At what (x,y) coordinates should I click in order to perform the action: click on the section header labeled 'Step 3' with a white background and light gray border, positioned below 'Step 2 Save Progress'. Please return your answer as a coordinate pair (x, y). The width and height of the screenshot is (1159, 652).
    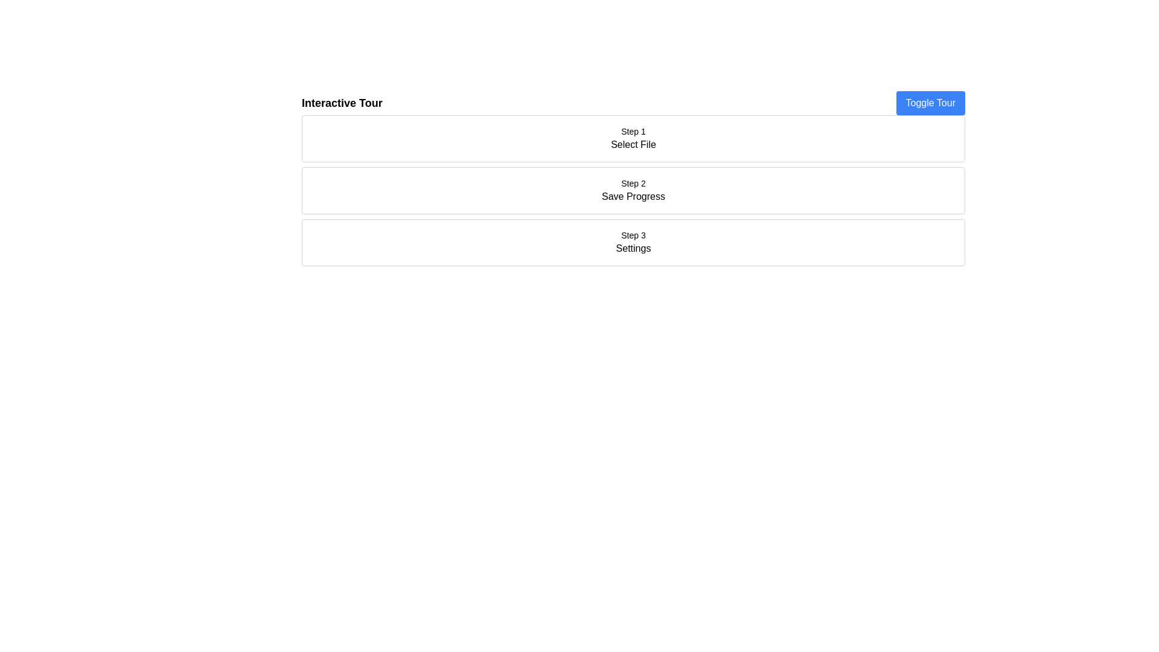
    Looking at the image, I should click on (633, 242).